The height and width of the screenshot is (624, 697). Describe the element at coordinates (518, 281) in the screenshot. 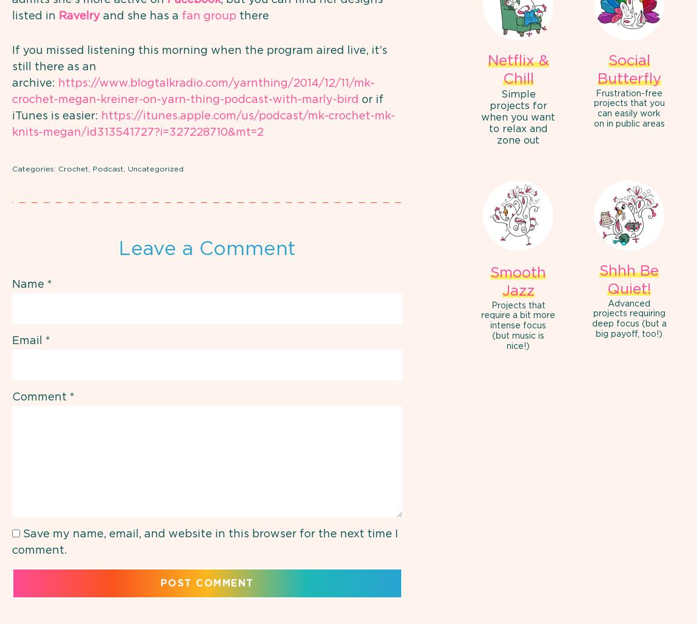

I see `'Smooth Jazz'` at that location.